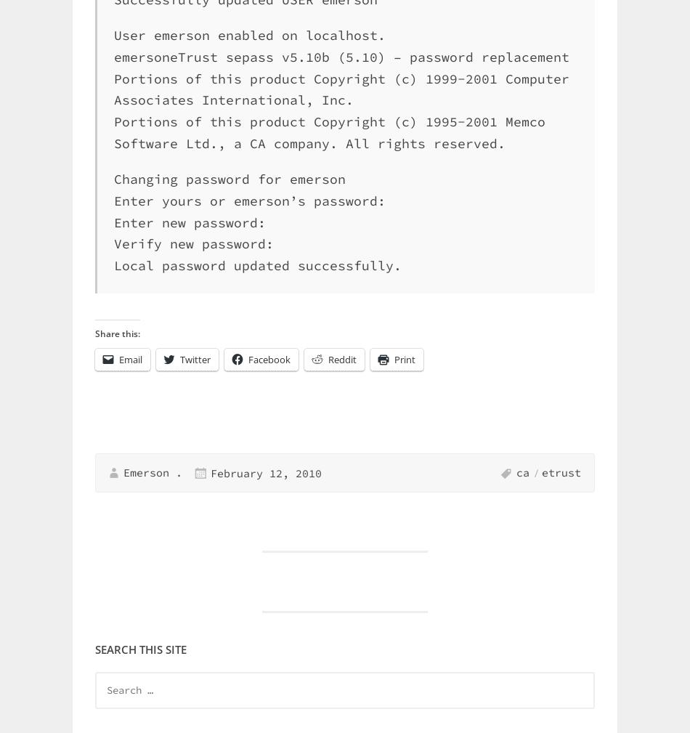 Image resolution: width=690 pixels, height=733 pixels. I want to click on 'Facebook', so click(268, 359).